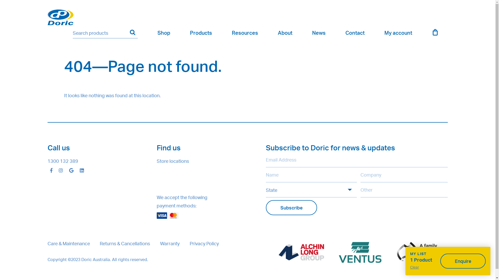 Image resolution: width=499 pixels, height=280 pixels. I want to click on 'Contact', so click(345, 33).